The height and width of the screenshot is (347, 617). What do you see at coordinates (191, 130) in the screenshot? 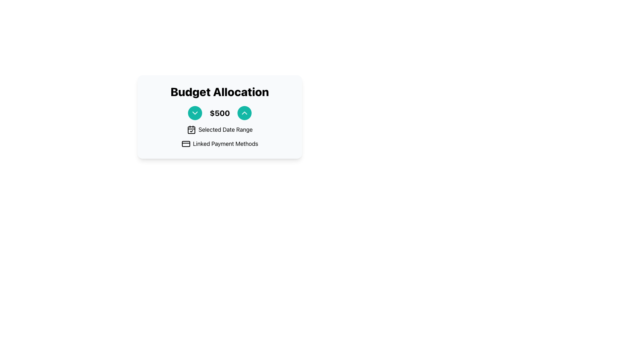
I see `the large rectangular background shape with rounded corners located centrally within the calendar icon design` at bounding box center [191, 130].